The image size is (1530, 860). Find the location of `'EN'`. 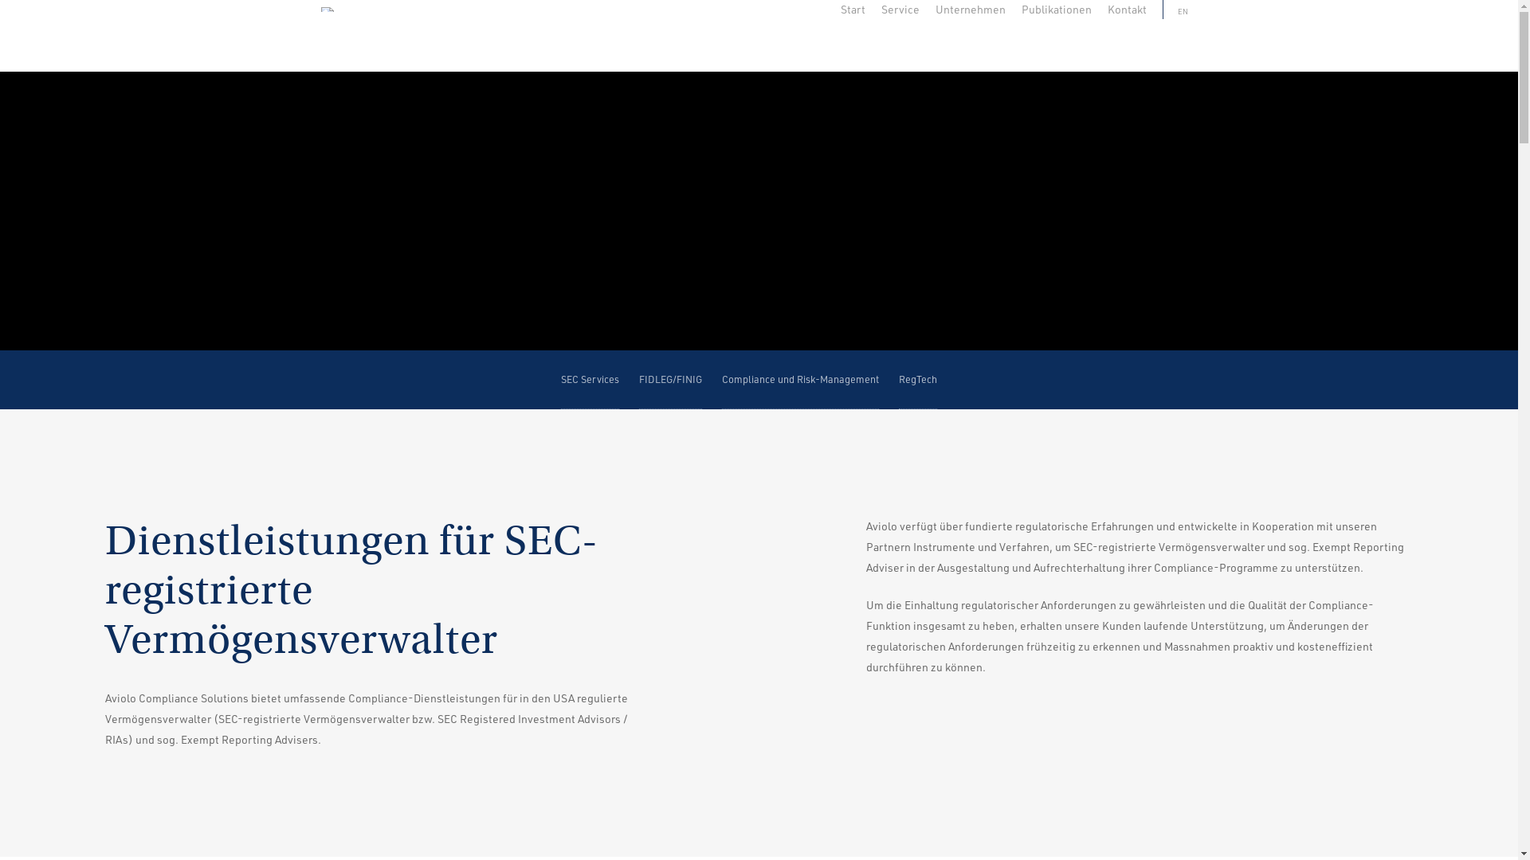

'EN' is located at coordinates (1162, 9).